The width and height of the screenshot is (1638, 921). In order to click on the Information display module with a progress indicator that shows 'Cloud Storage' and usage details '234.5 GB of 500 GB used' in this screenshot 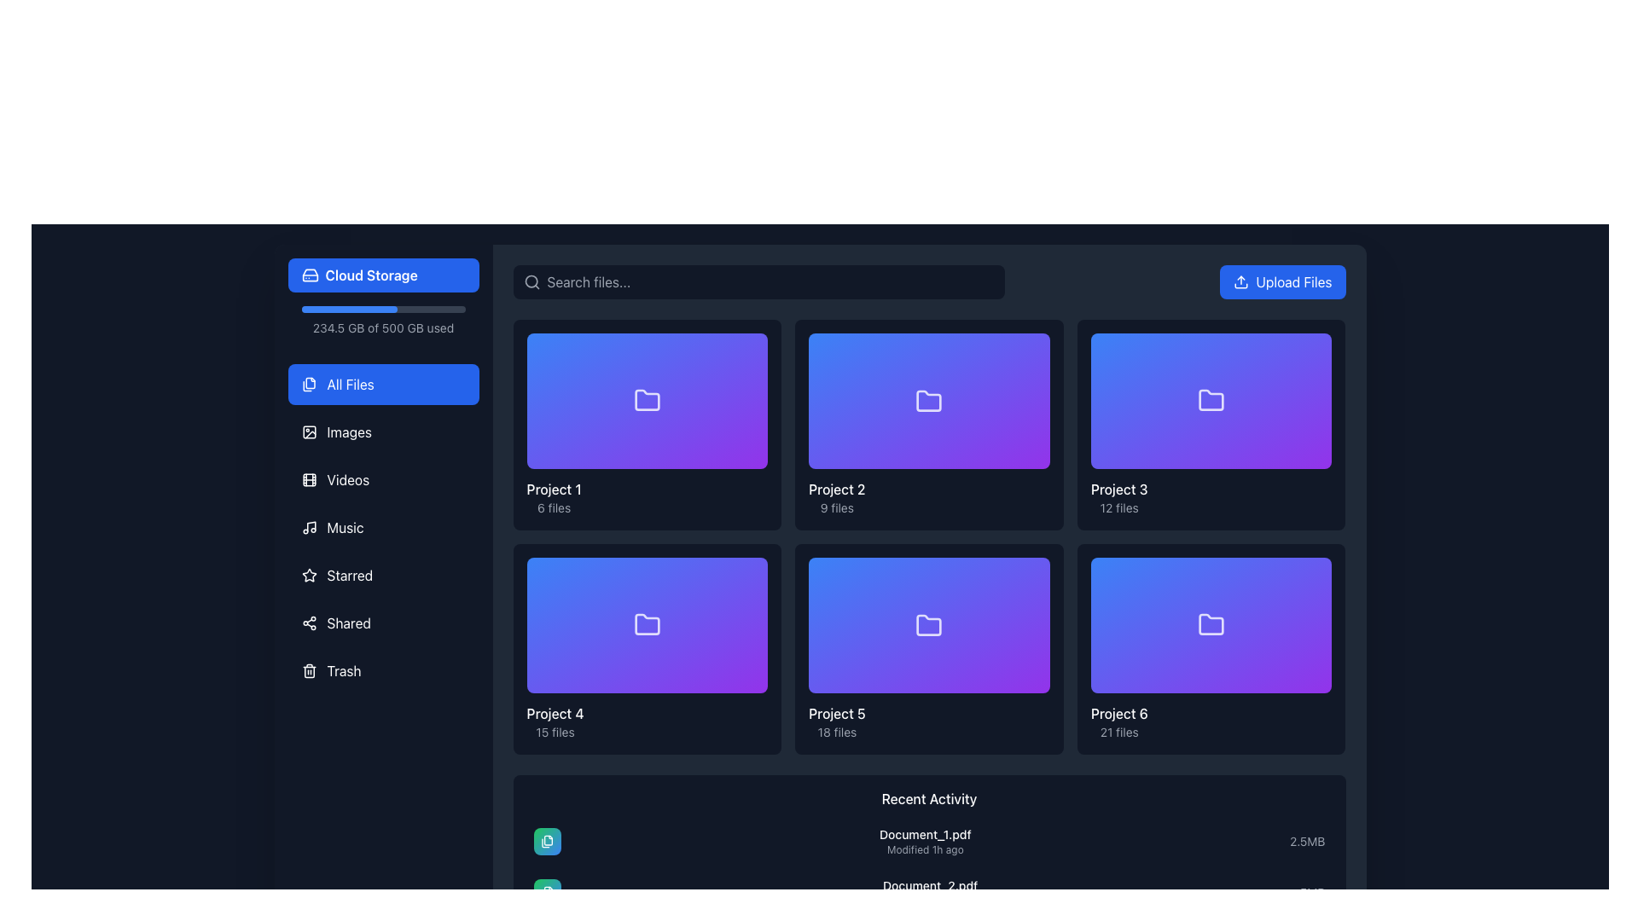, I will do `click(382, 296)`.